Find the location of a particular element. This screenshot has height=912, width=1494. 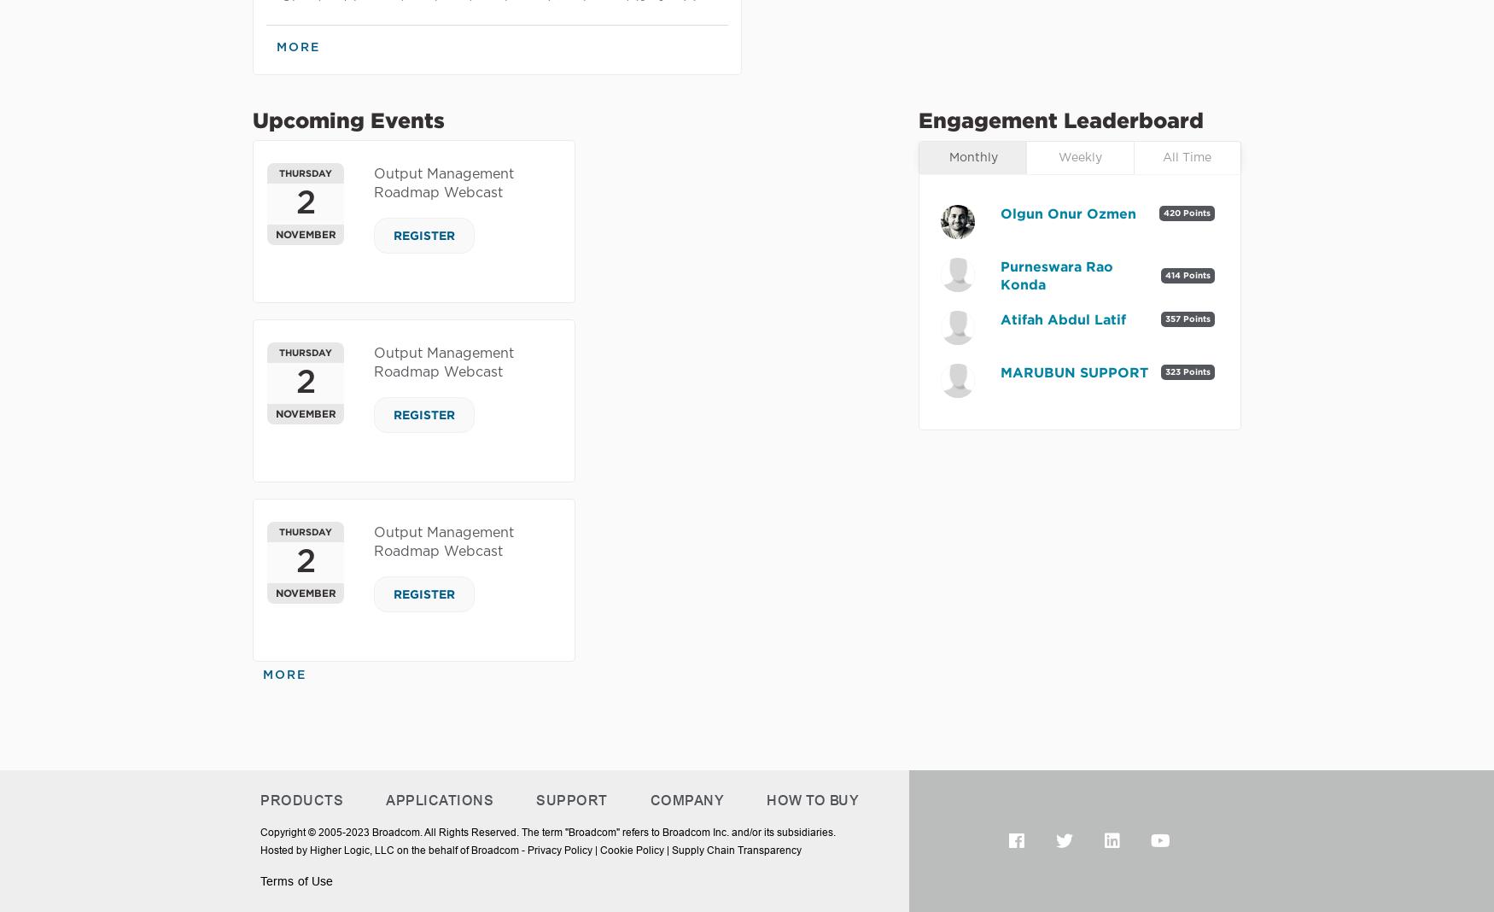

'MARUBUN SUPPORT' is located at coordinates (1073, 371).